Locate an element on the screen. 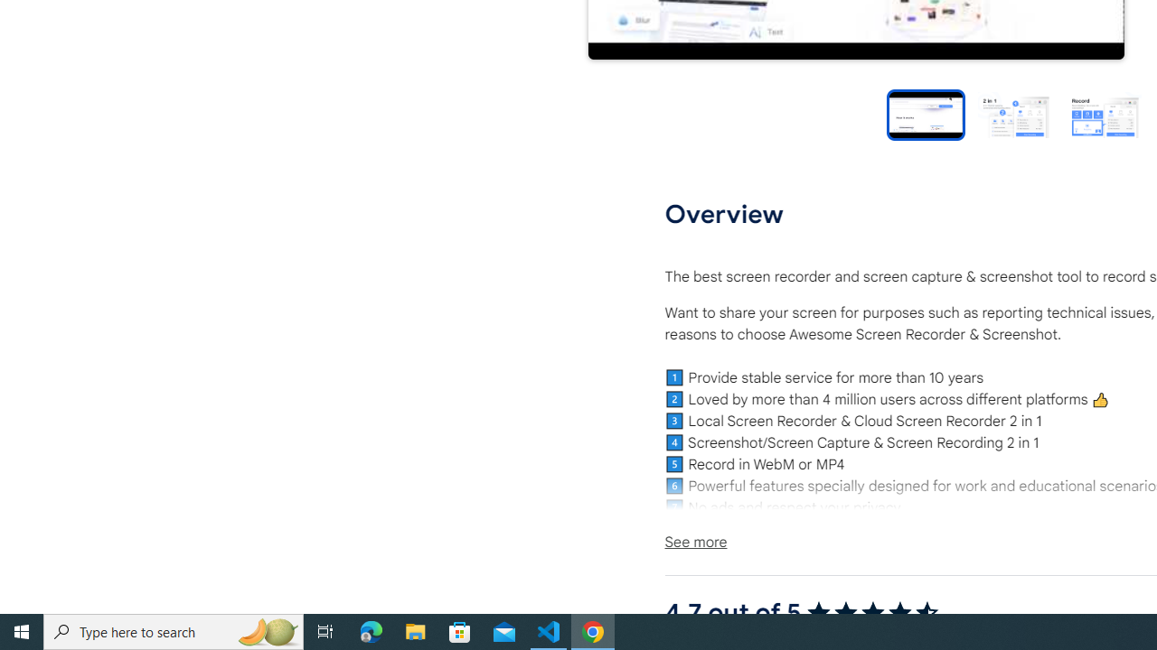 This screenshot has height=650, width=1157. 'File Explorer' is located at coordinates (415, 630).